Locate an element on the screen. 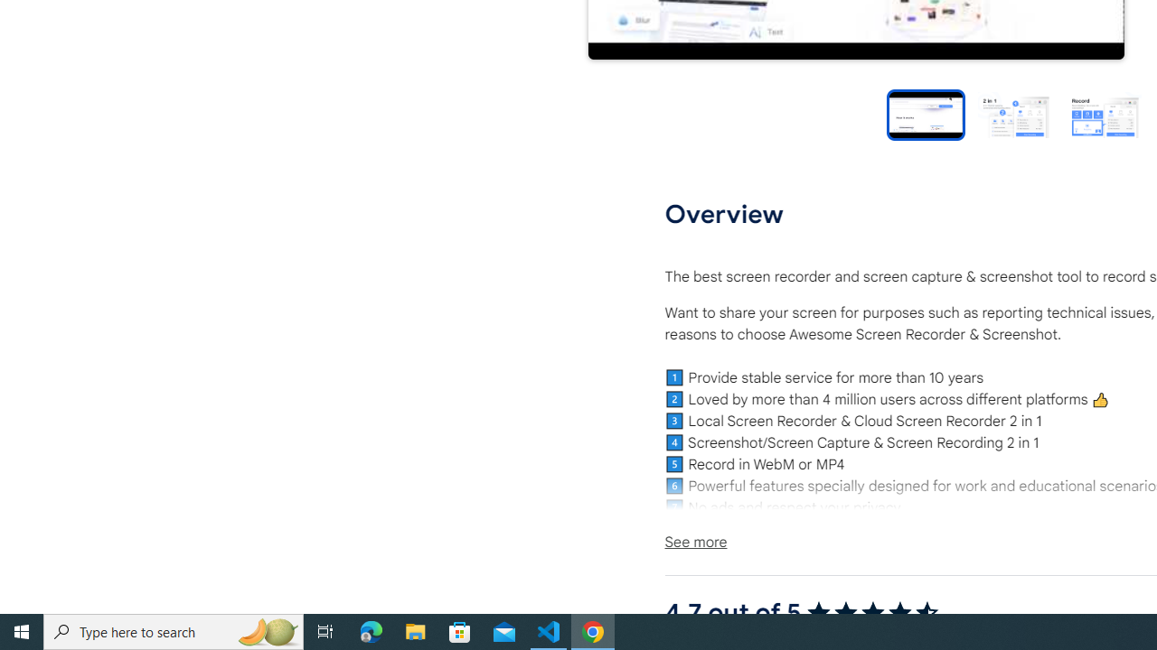 This screenshot has height=650, width=1157. 'File Explorer' is located at coordinates (415, 630).